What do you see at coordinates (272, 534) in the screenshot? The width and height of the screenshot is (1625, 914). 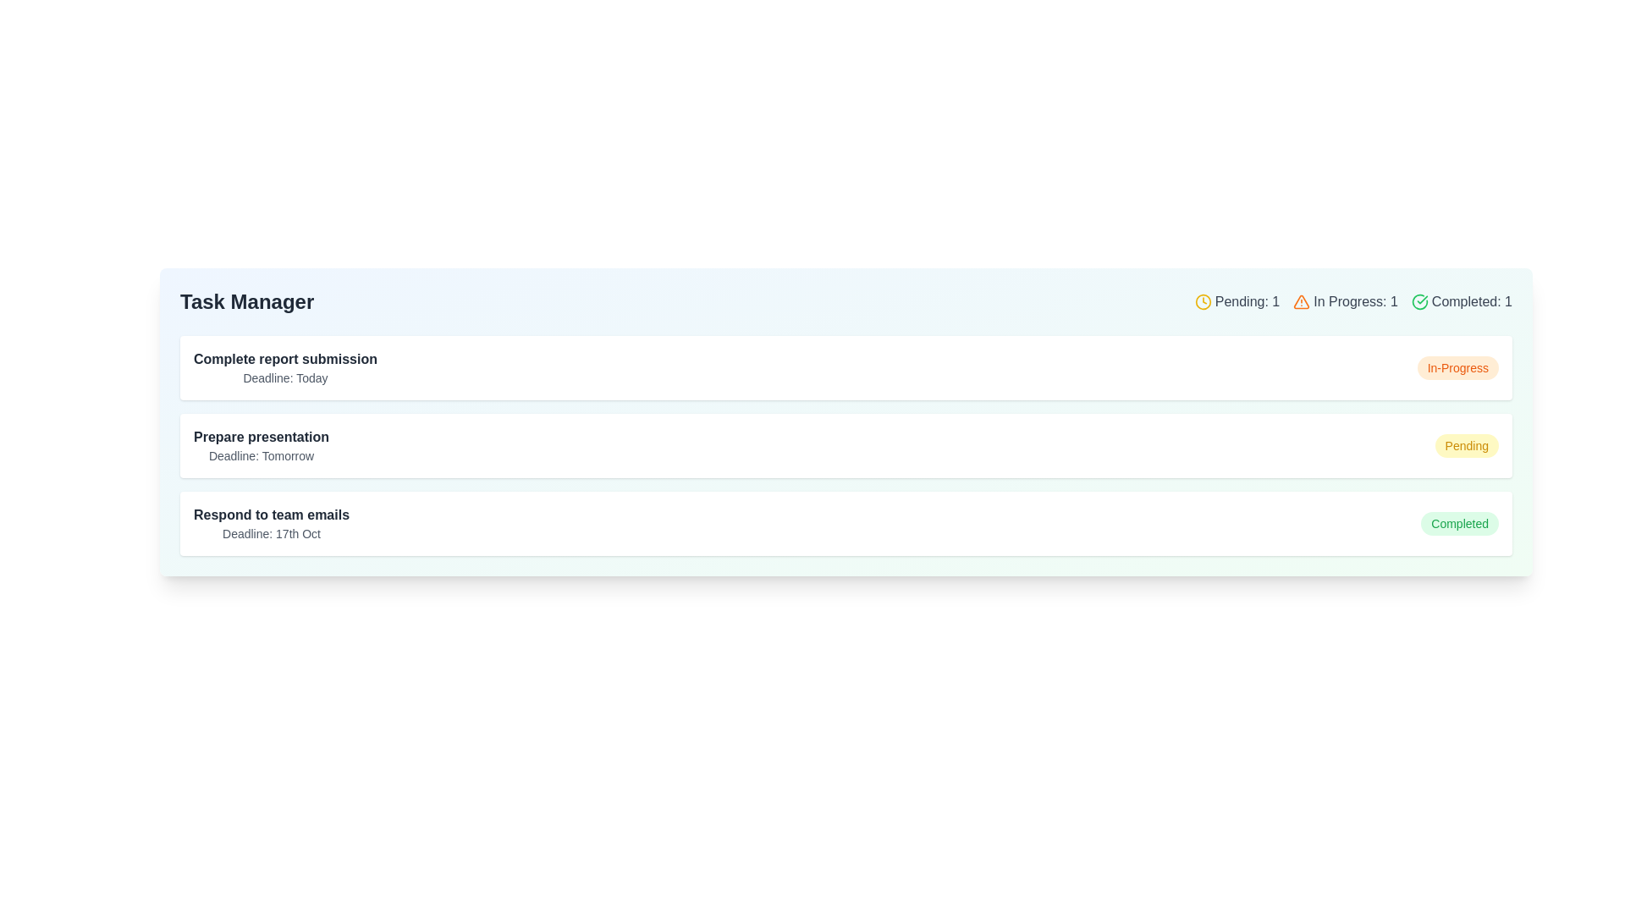 I see `the text label displaying 'Deadline: 17th Oct' located below the 'Respond to team emails' task in the 'Task Manager' interface` at bounding box center [272, 534].